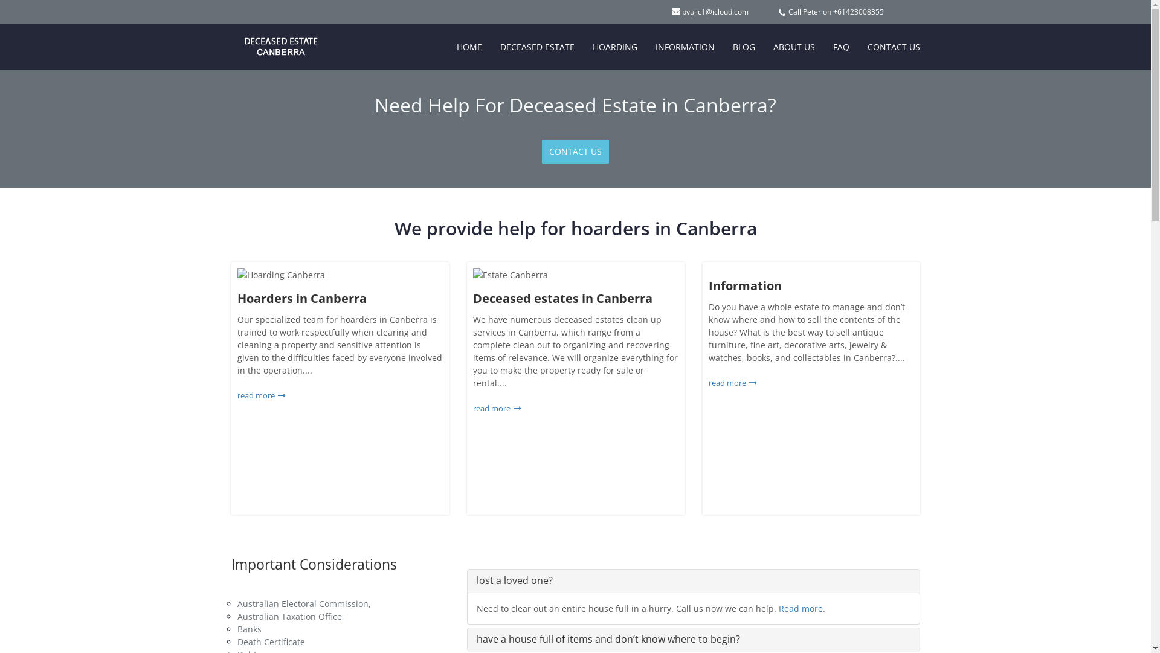  I want to click on 'CONTACT US', so click(893, 46).